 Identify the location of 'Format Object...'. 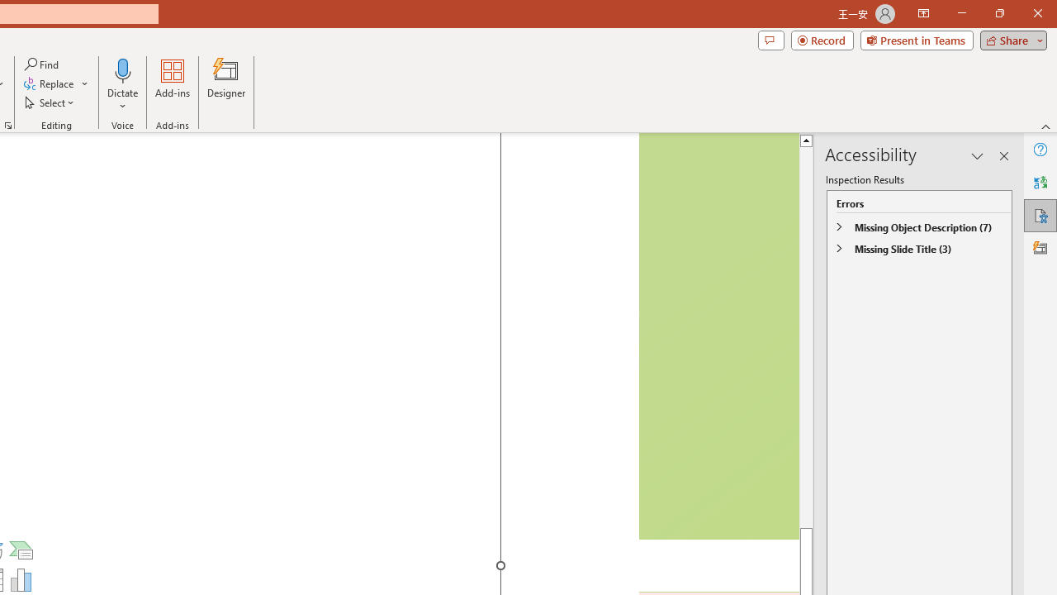
(8, 124).